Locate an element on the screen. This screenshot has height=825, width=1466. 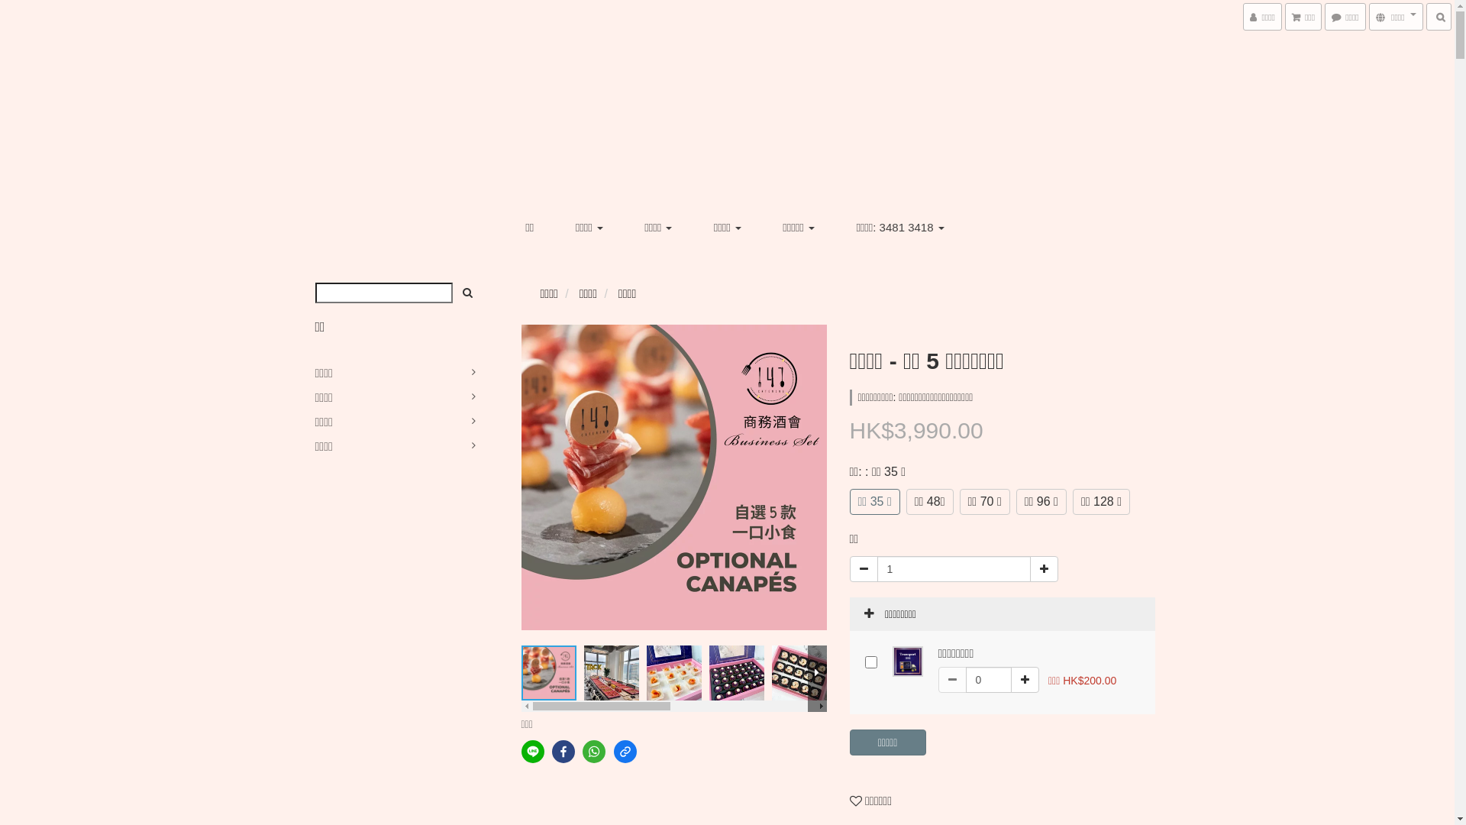
'line' is located at coordinates (520, 750).